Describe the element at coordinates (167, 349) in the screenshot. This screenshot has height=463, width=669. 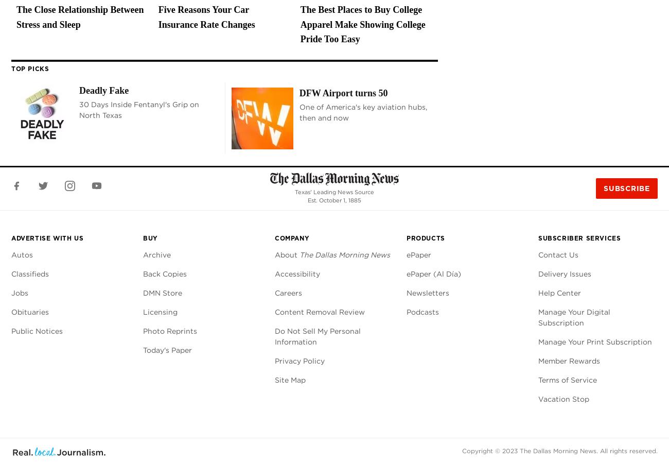
I see `'Today's Paper'` at that location.